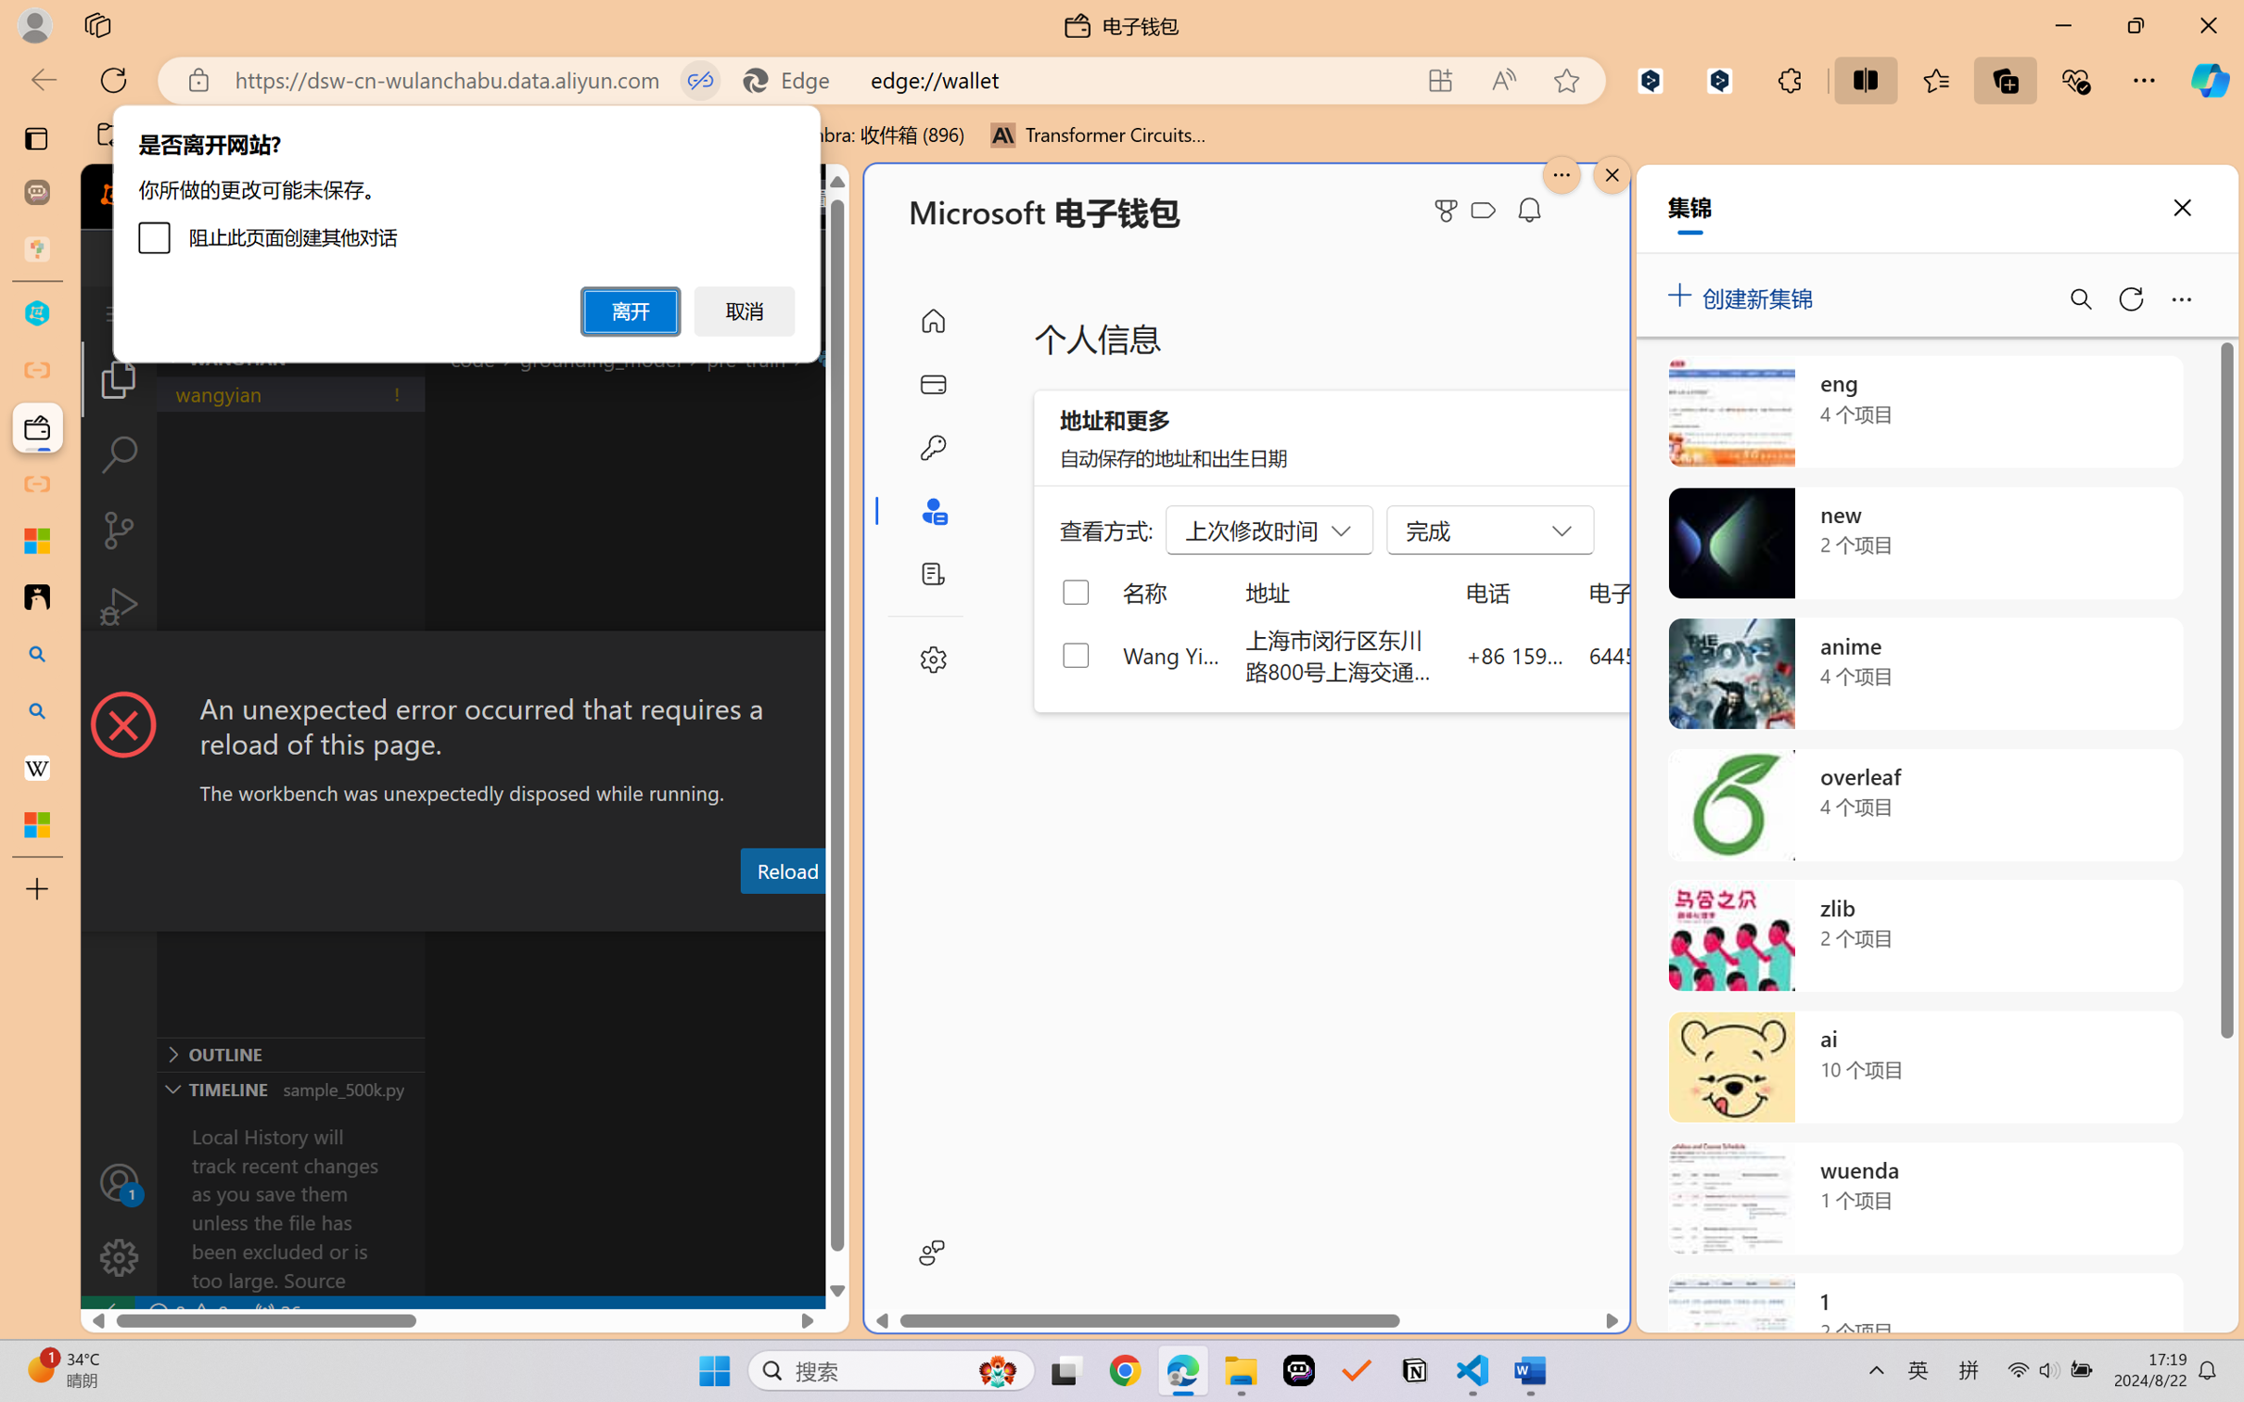  I want to click on 'Microsoft Rewards', so click(1449, 210).